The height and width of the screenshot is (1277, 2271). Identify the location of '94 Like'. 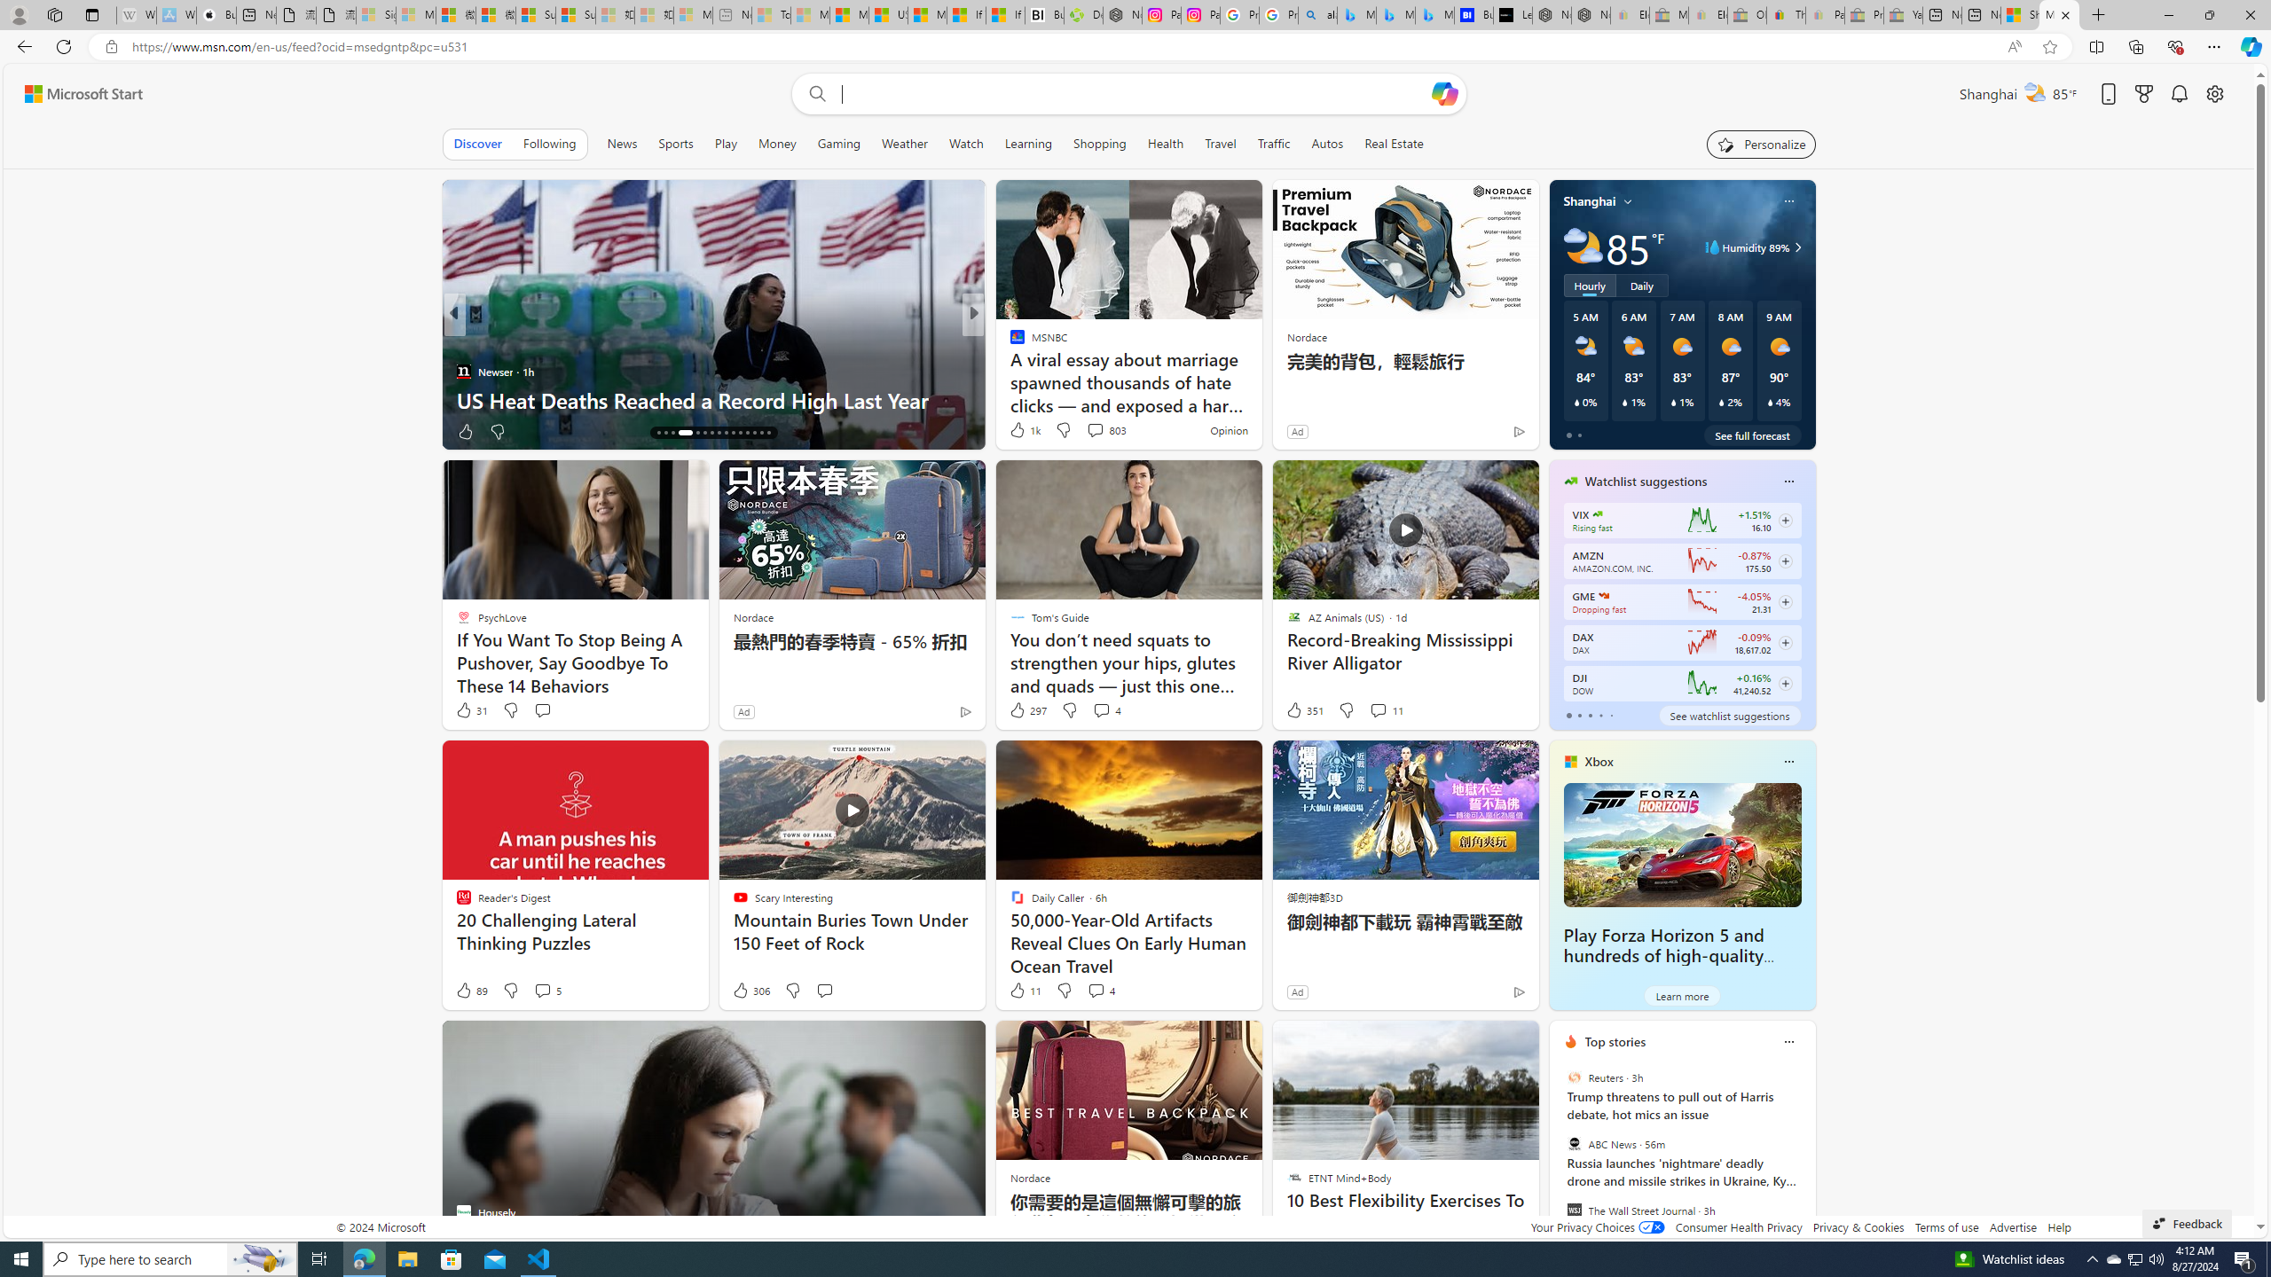
(1018, 431).